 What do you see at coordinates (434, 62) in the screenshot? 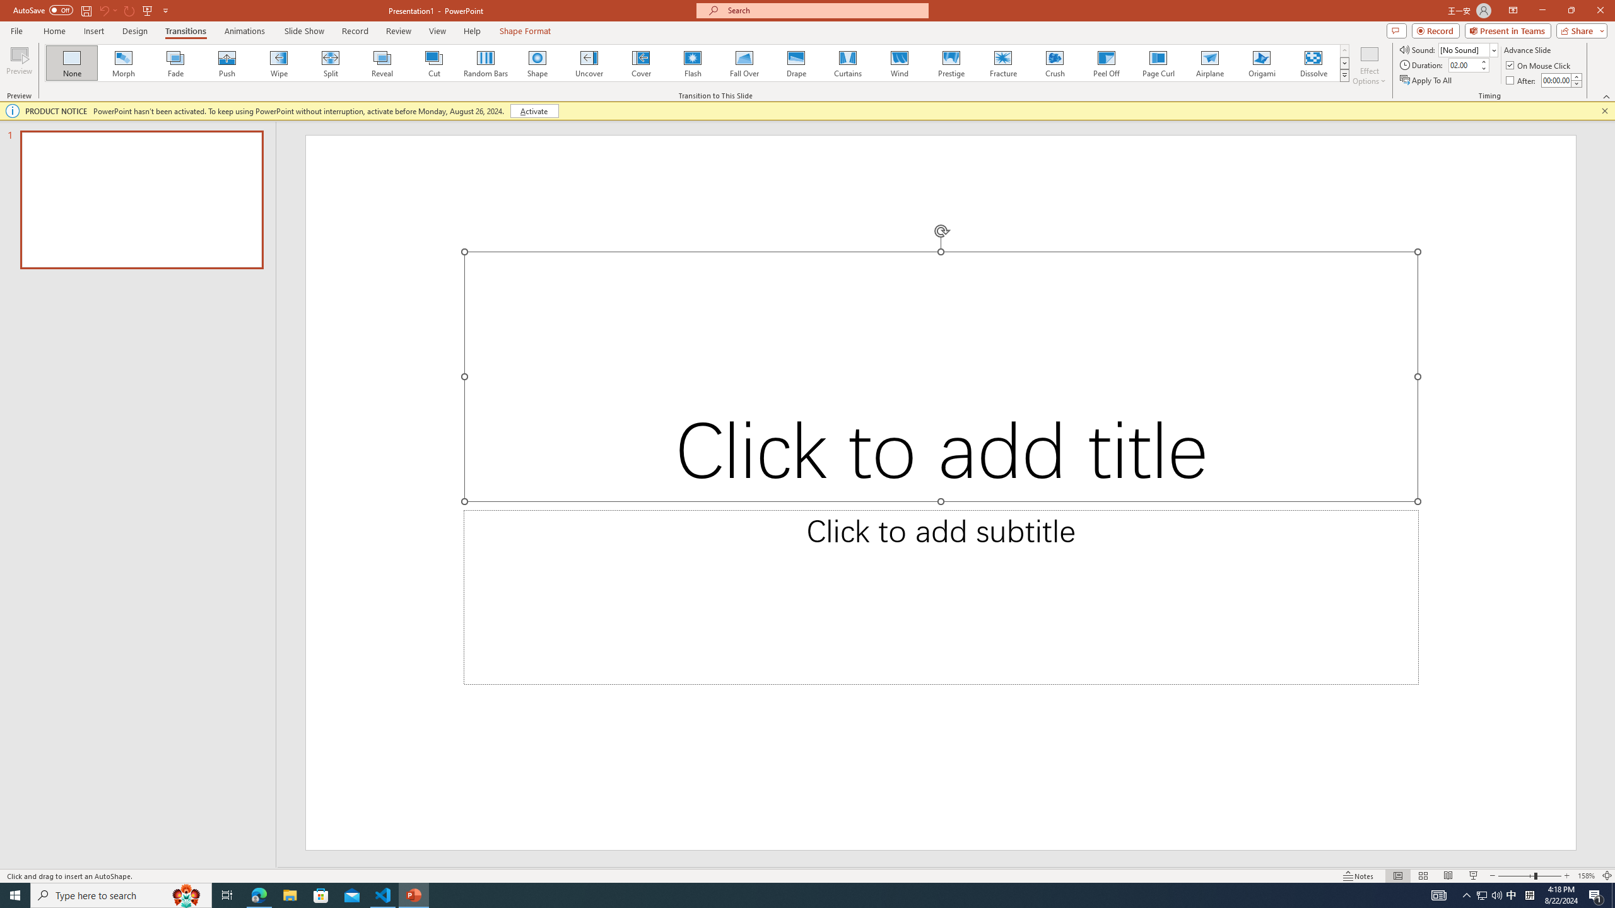
I see `'Cut'` at bounding box center [434, 62].